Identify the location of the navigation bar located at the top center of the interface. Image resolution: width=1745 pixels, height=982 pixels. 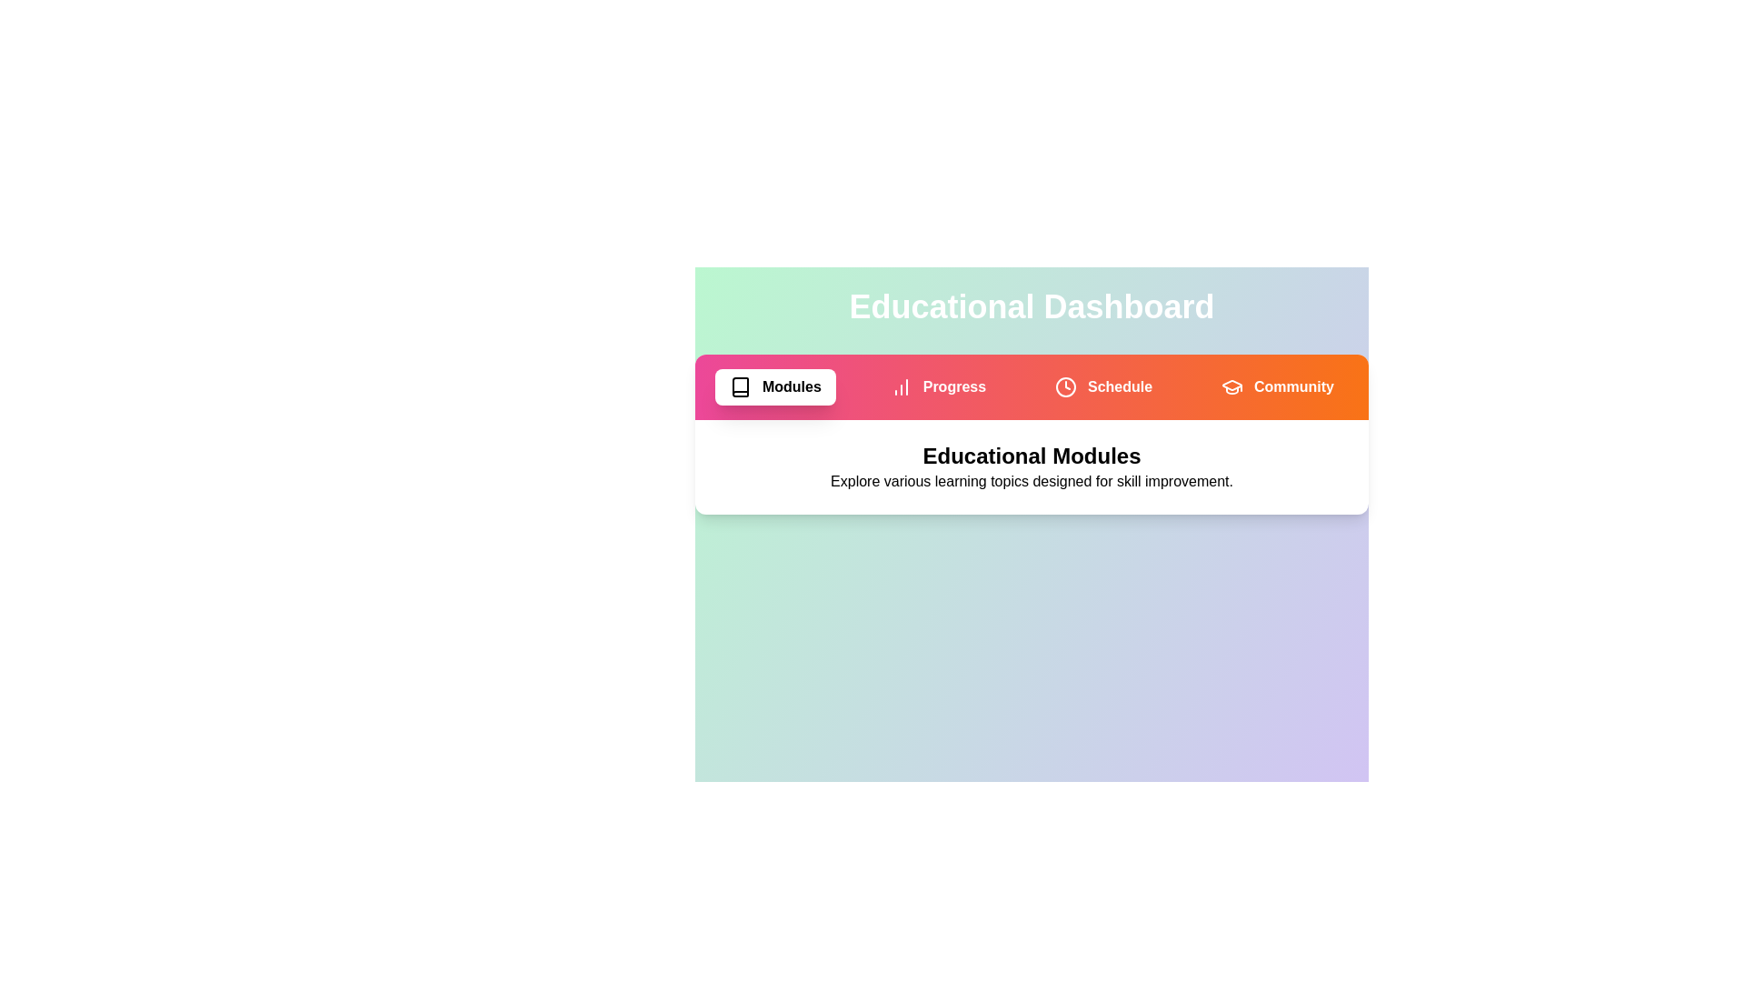
(1032, 386).